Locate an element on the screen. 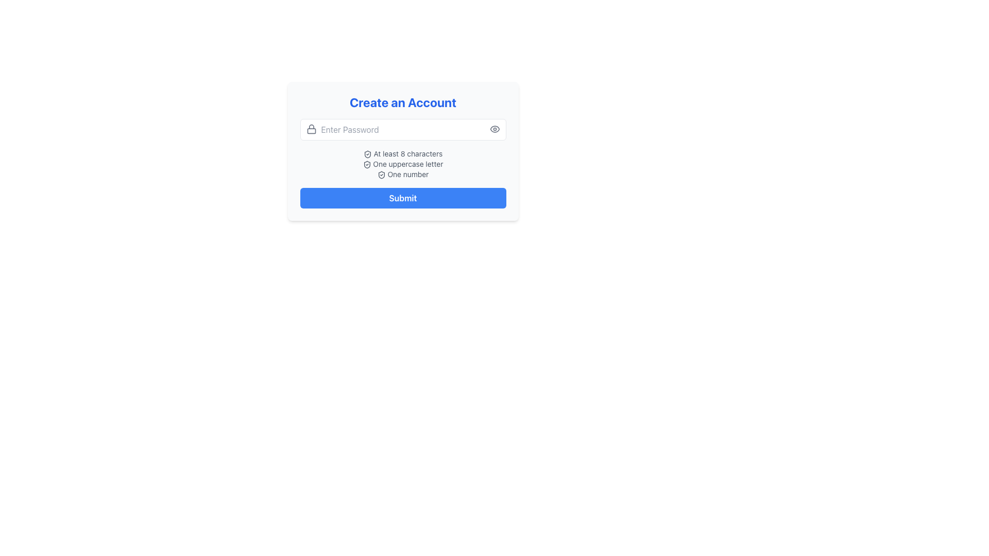 The height and width of the screenshot is (556, 989). the lock icon located inside the password input field, which serves as a visual cue for the input's security context is located at coordinates (311, 128).